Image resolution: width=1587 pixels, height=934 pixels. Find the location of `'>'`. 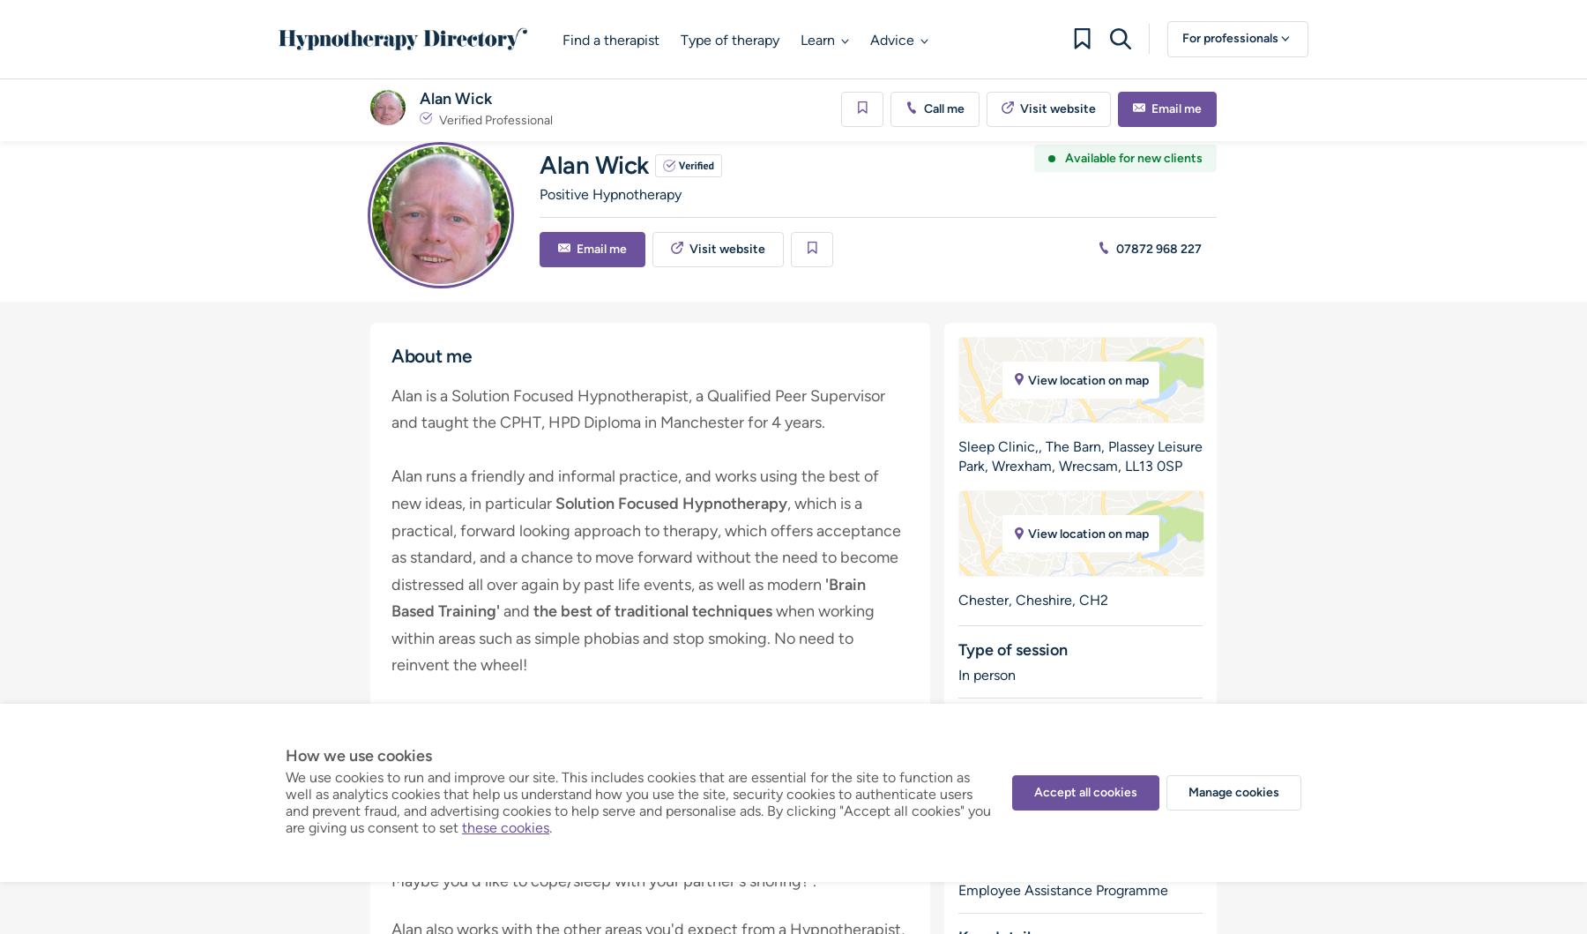

'>' is located at coordinates (414, 98).